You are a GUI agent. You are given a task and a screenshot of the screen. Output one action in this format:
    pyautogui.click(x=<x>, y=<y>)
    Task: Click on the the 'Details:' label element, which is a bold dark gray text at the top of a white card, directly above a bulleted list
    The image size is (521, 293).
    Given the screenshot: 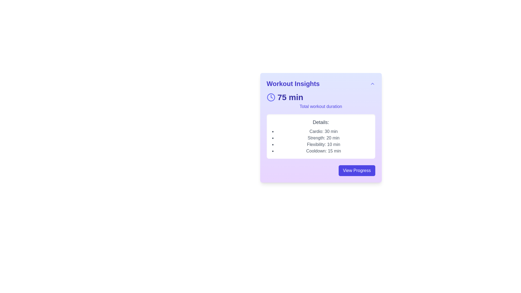 What is the action you would take?
    pyautogui.click(x=321, y=122)
    